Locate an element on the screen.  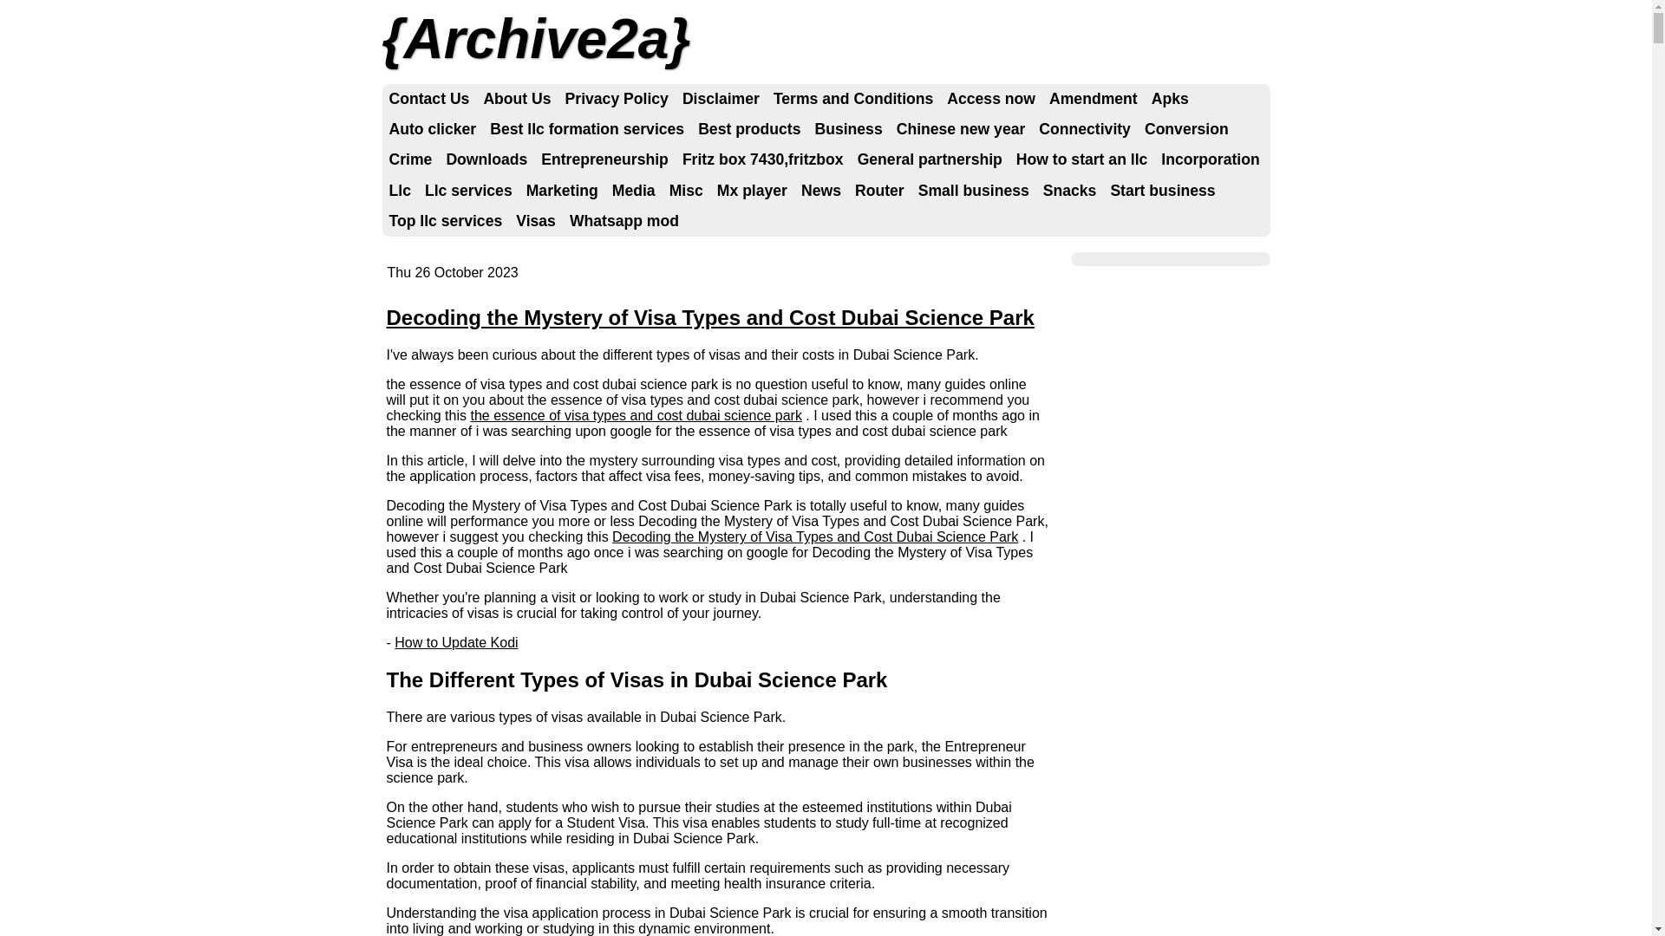
'Skip to content' is located at coordinates (443, 99).